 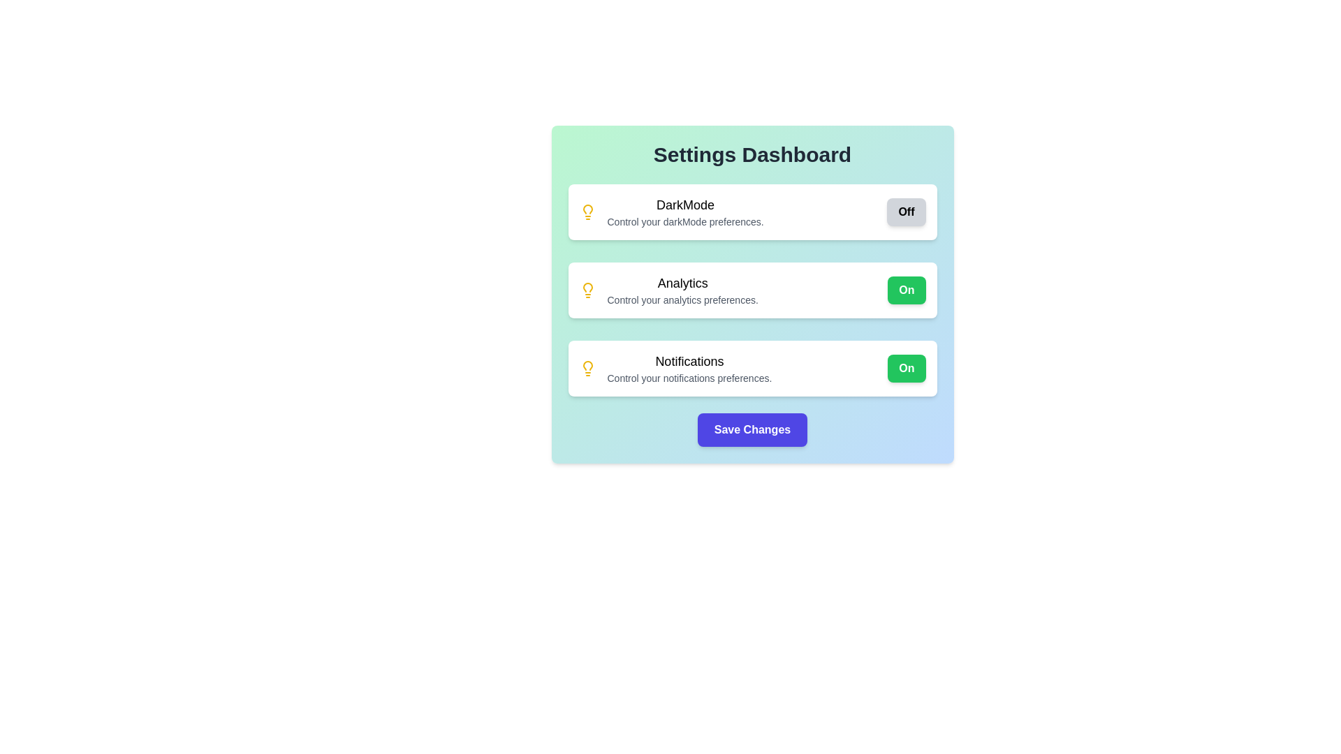 I want to click on 'Save Changes' button to save the current settings, so click(x=752, y=429).